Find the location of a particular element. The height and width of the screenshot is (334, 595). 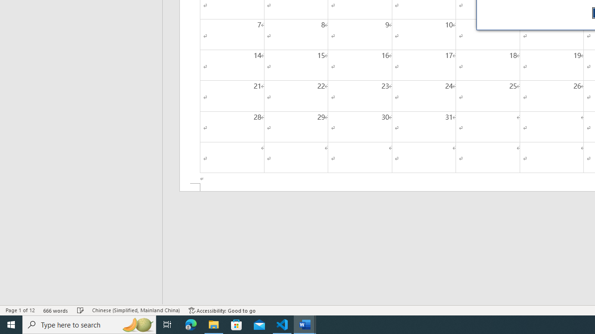

'File Explorer - 1 running window' is located at coordinates (213, 324).